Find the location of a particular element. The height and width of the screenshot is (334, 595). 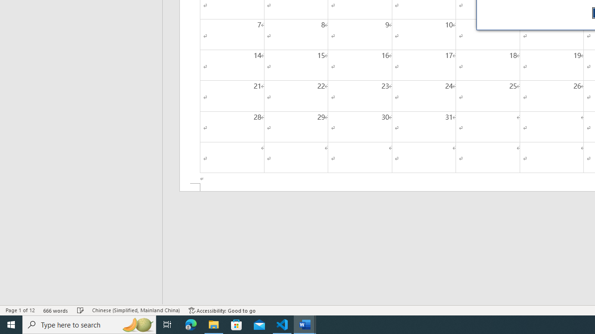

'File Explorer - 1 running window' is located at coordinates (213, 324).